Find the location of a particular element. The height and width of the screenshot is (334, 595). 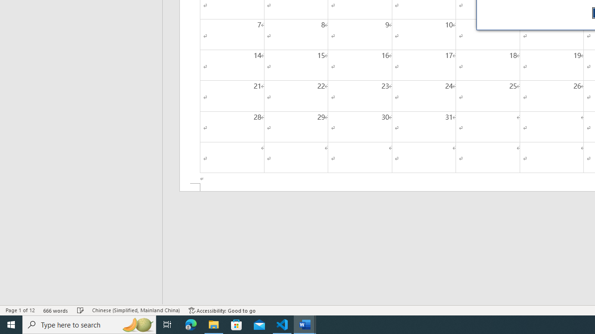

'File Explorer - 1 running window' is located at coordinates (213, 324).